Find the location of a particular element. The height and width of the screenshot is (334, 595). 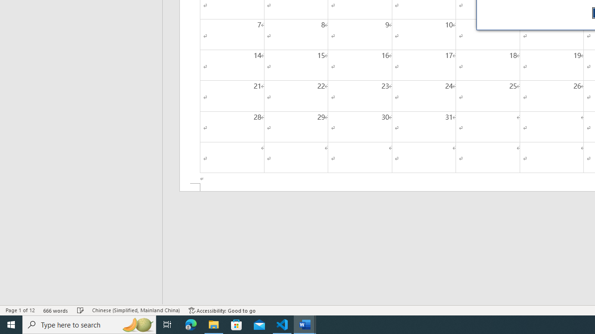

'File Explorer - 1 running window' is located at coordinates (213, 324).